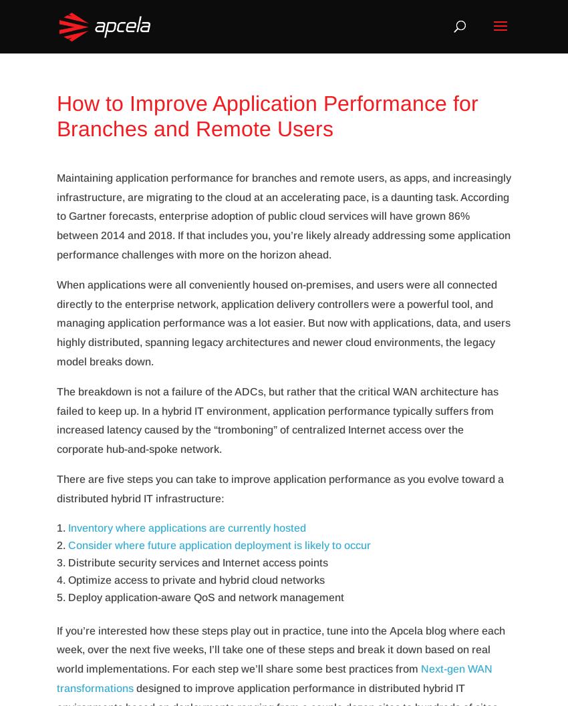  What do you see at coordinates (186, 527) in the screenshot?
I see `'Inventory where applications are currently hosted'` at bounding box center [186, 527].